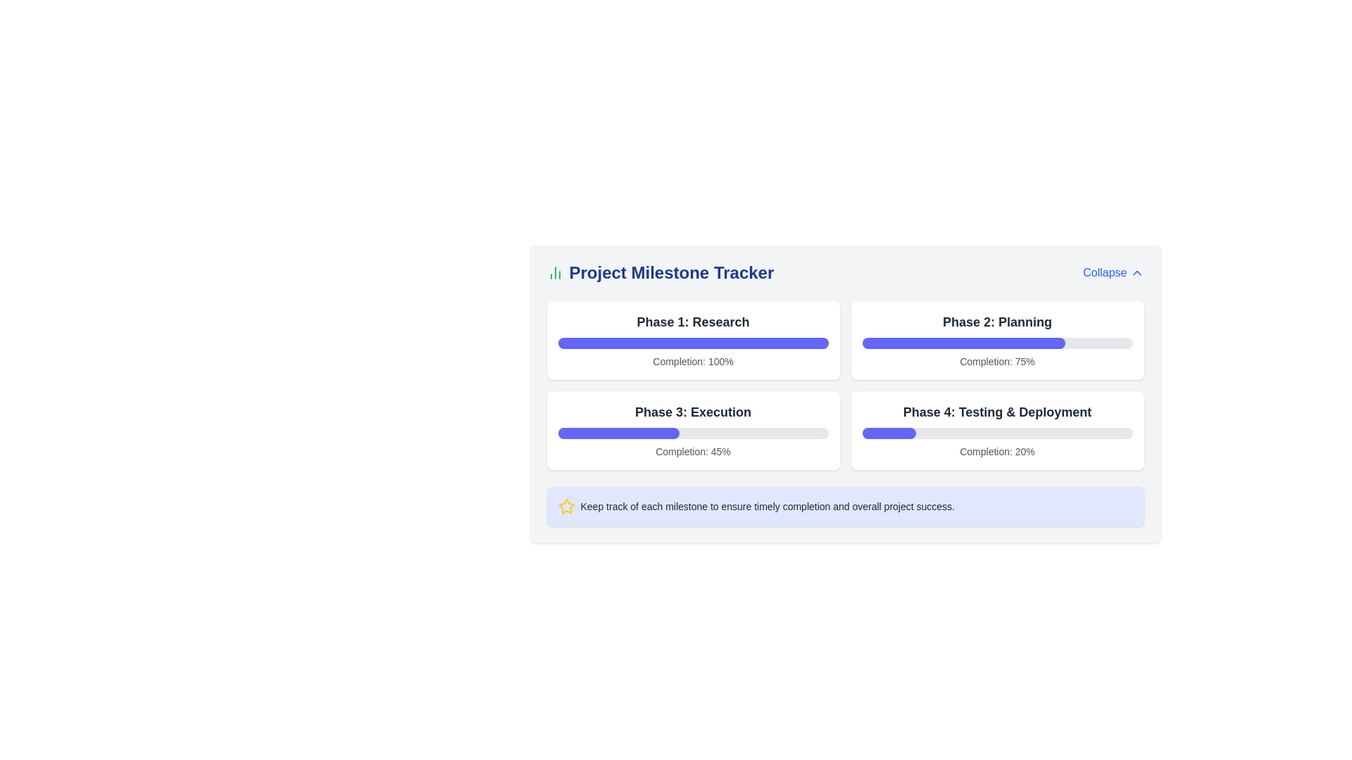 The height and width of the screenshot is (760, 1352). What do you see at coordinates (996, 322) in the screenshot?
I see `the text label that reads 'Phase 2: Planning', which is styled with a large, bold font in dark gray, centered within a white background with rounded corners and a shadow effect` at bounding box center [996, 322].